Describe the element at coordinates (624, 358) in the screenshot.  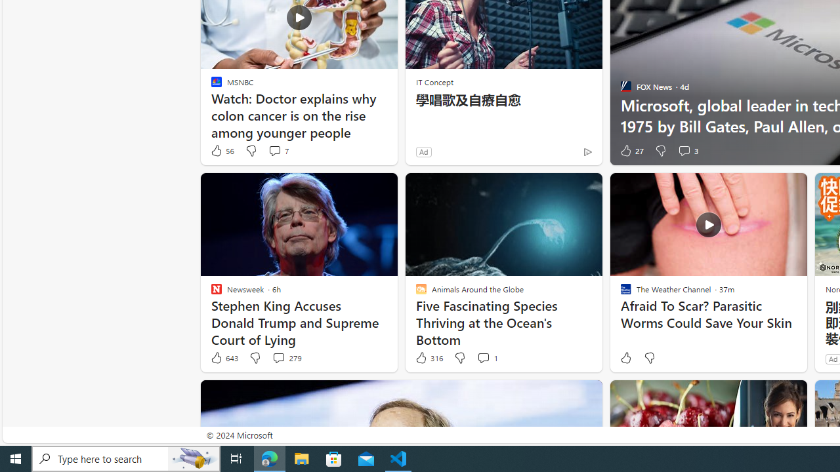
I see `'Like'` at that location.